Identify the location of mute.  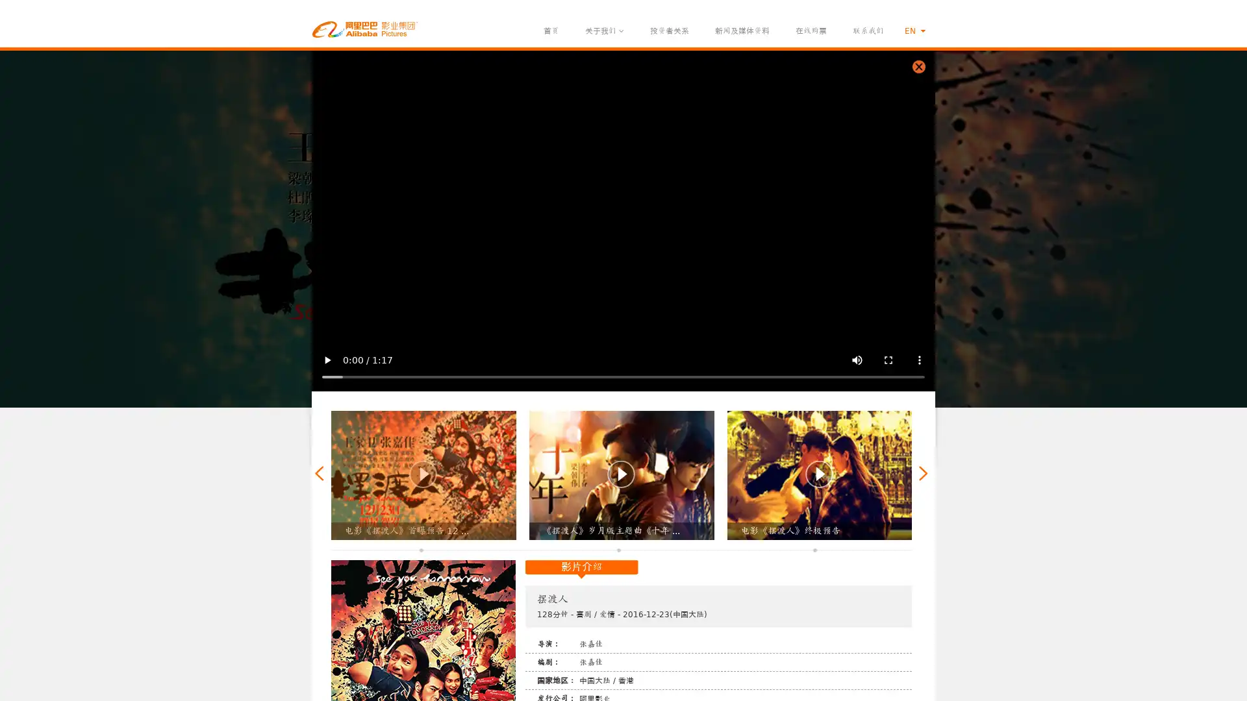
(857, 360).